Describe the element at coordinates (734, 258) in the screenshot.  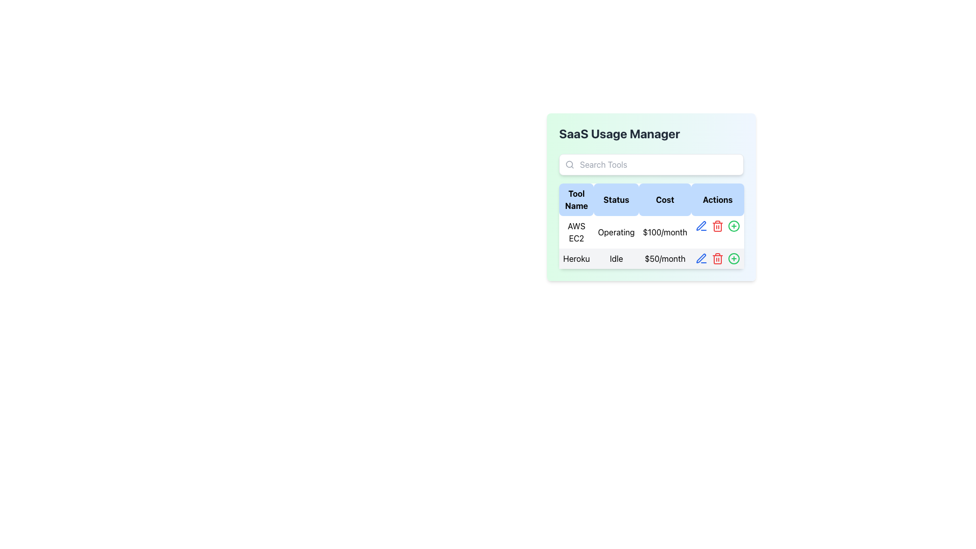
I see `the Visual SVG Circle representing the 'Add' or 'Plus' action located at the top-right corner of the 'Actions' column in the table row labeled 'AWS EC2.'` at that location.